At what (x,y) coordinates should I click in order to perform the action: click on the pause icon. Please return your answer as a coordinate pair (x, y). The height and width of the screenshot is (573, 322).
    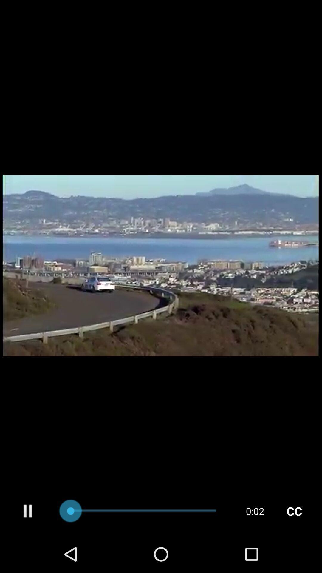
    Looking at the image, I should click on (28, 547).